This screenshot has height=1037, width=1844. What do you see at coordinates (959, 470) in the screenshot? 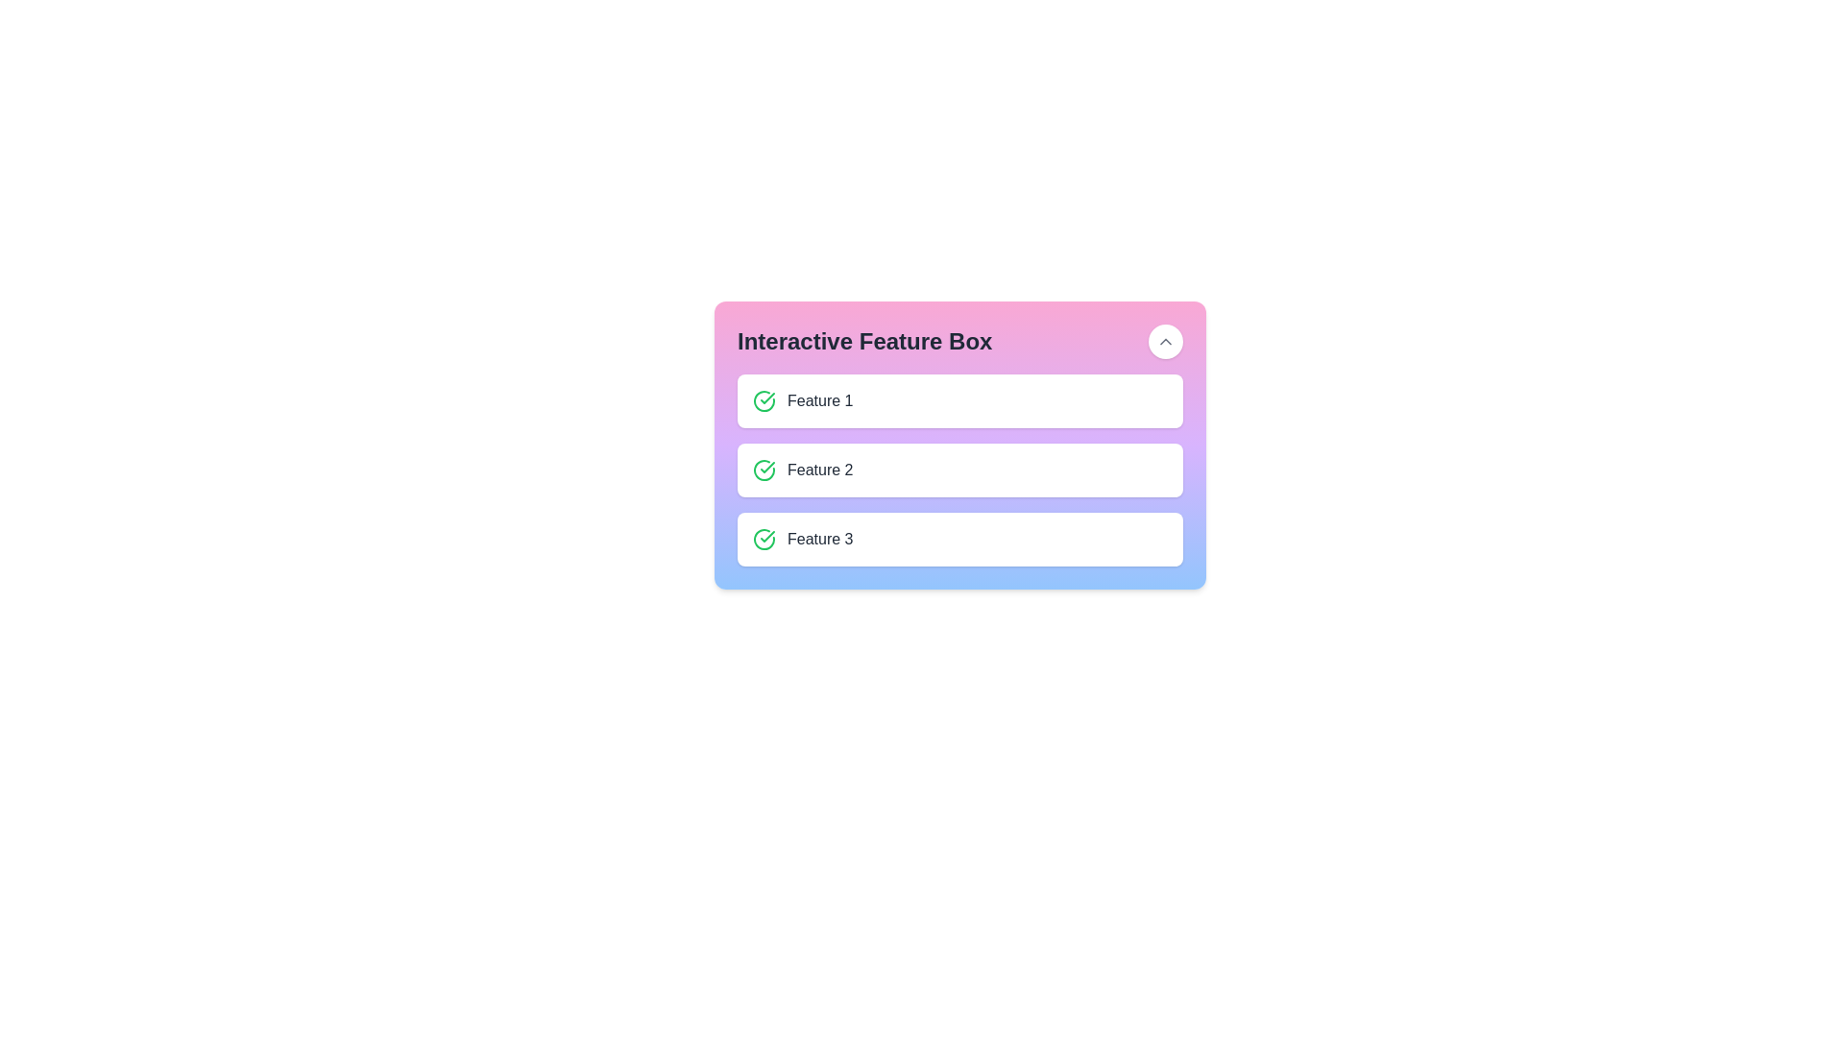
I see `the 'Feature 2' list item card, which is the second item in the vertically stacked list of features inside the 'Interactive Feature Box' panel` at bounding box center [959, 470].